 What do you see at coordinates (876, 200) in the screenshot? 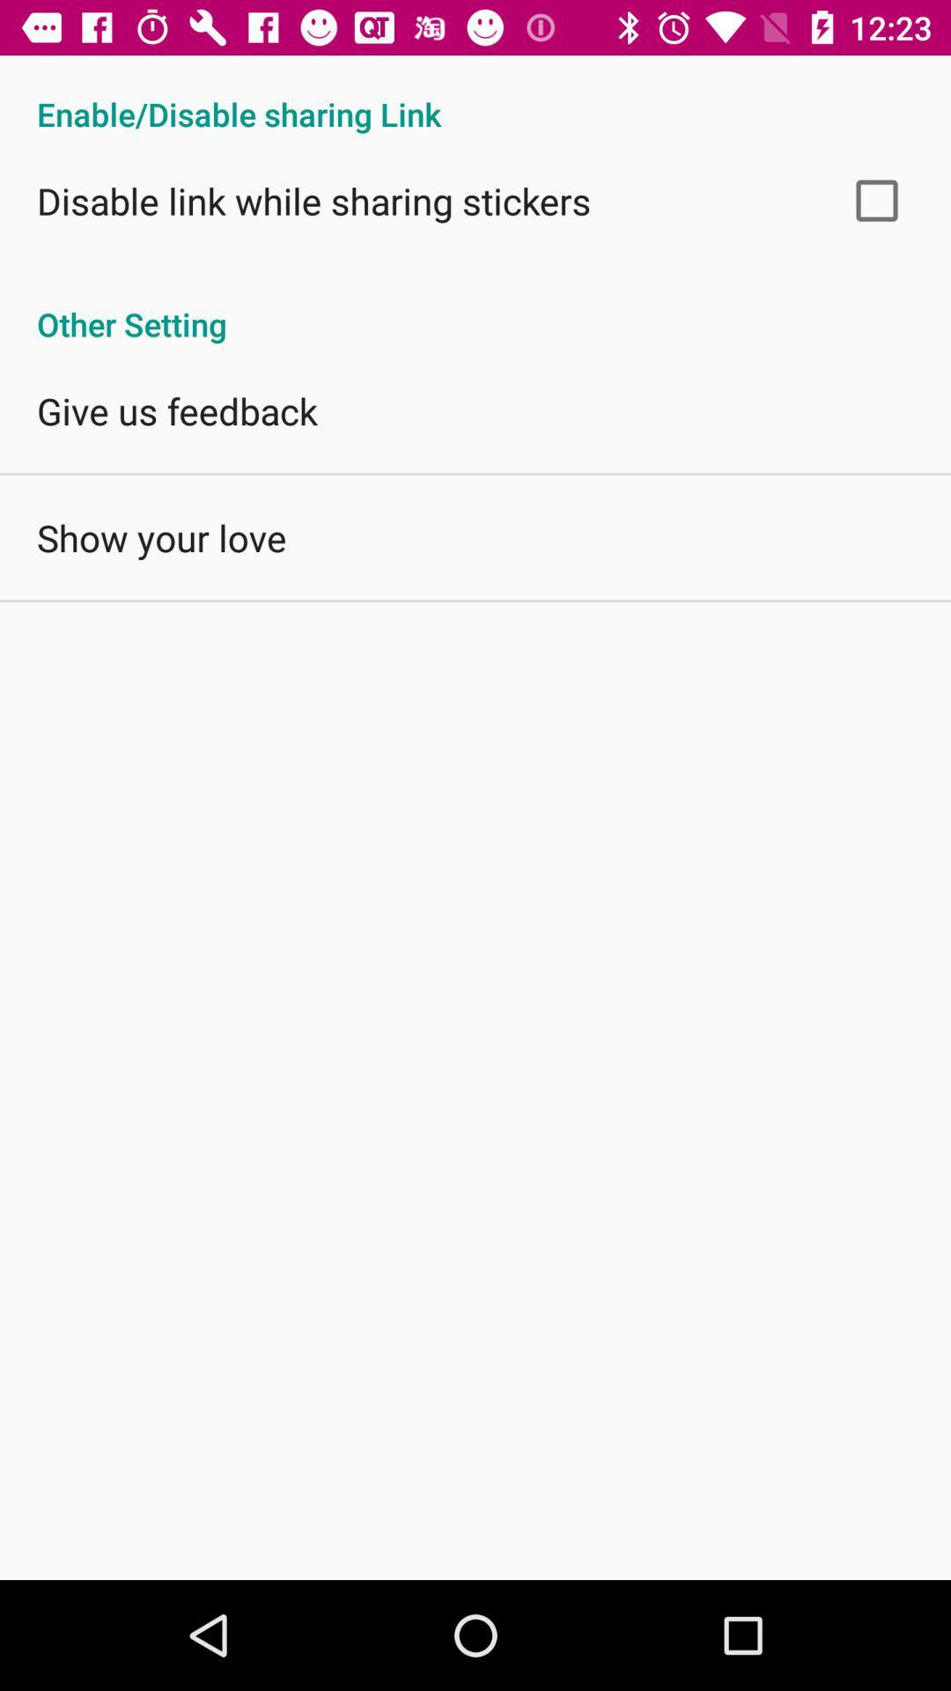
I see `icon below enable disable sharing app` at bounding box center [876, 200].